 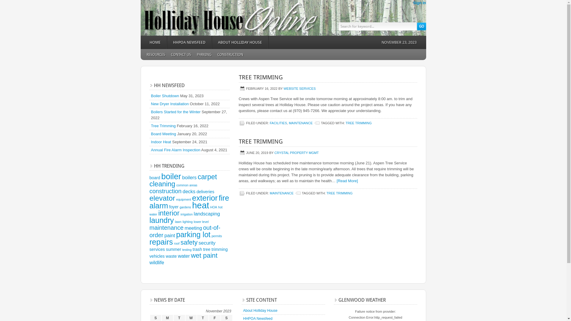 I want to click on 'landscaping', so click(x=207, y=213).